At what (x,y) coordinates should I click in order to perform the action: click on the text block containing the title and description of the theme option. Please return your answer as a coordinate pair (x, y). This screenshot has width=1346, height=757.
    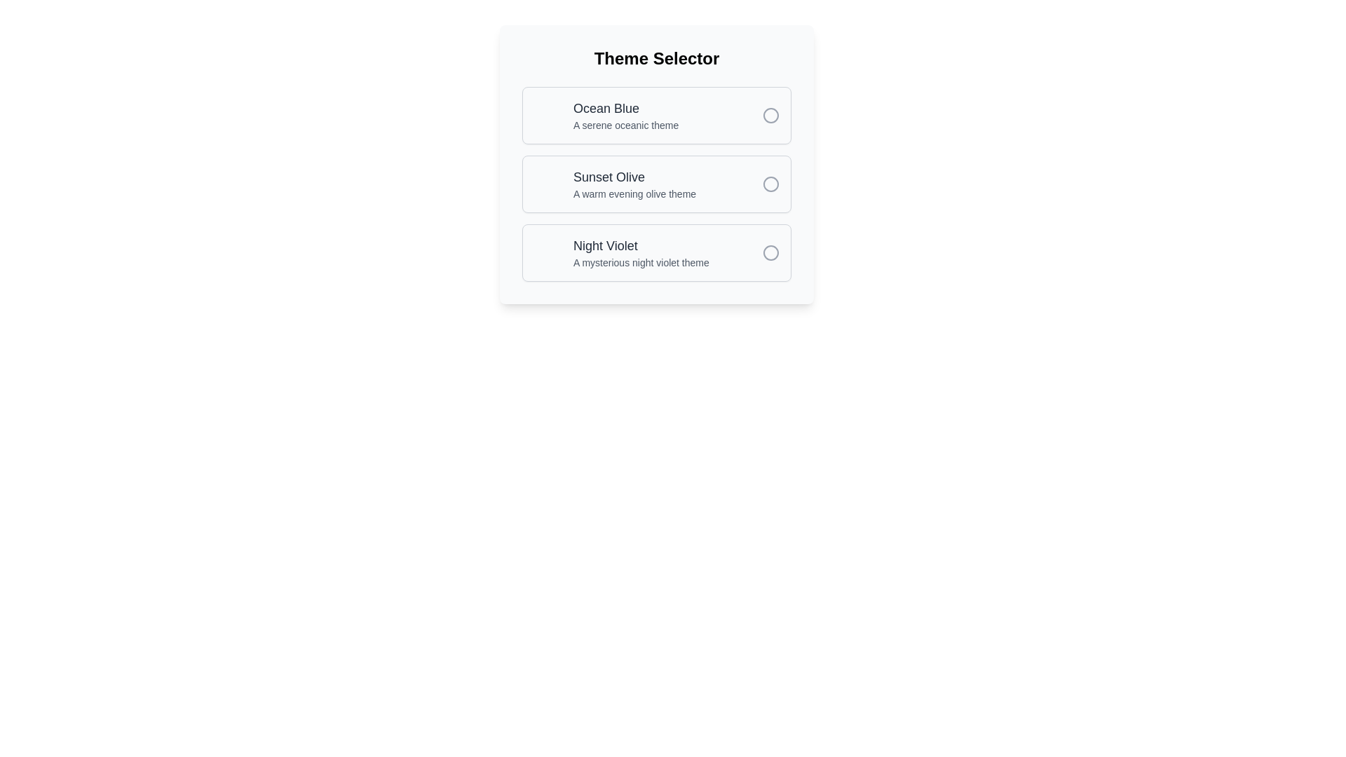
    Looking at the image, I should click on (640, 253).